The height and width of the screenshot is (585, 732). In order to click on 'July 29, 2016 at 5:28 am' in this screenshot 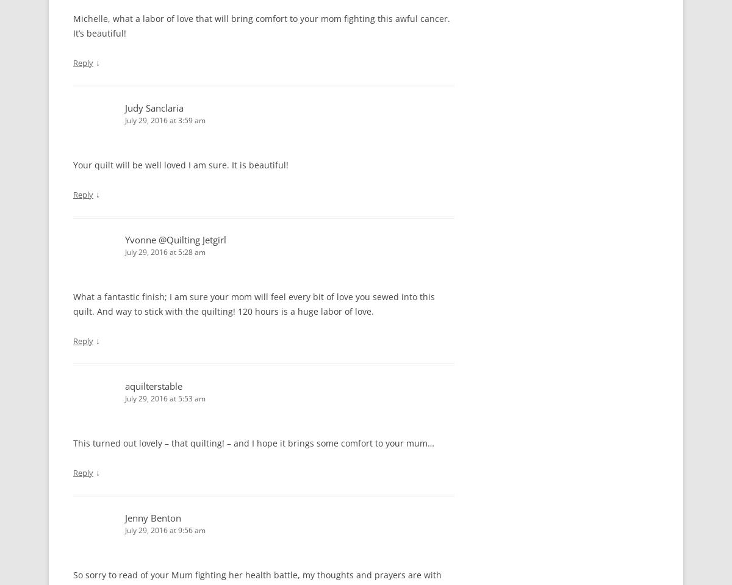, I will do `click(164, 251)`.